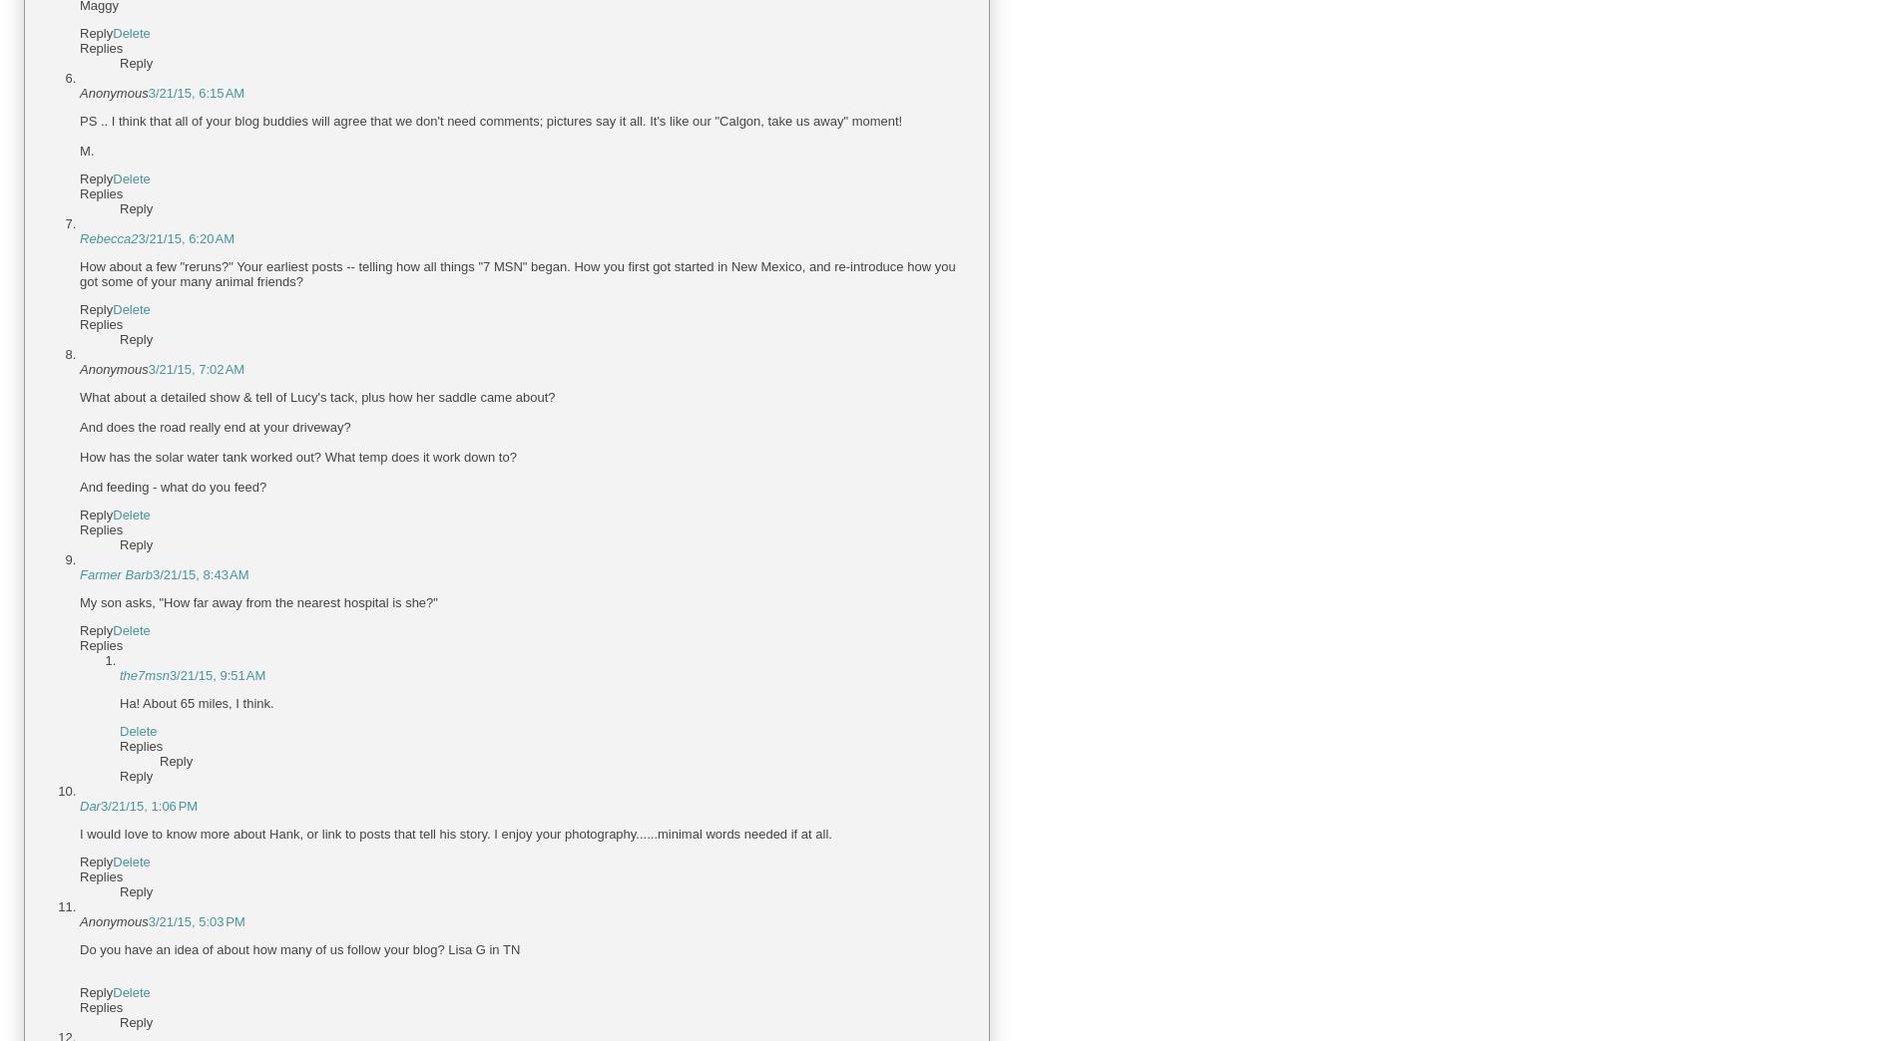 This screenshot has height=1041, width=1904. What do you see at coordinates (199, 573) in the screenshot?
I see `'3/21/15, 8:43 AM'` at bounding box center [199, 573].